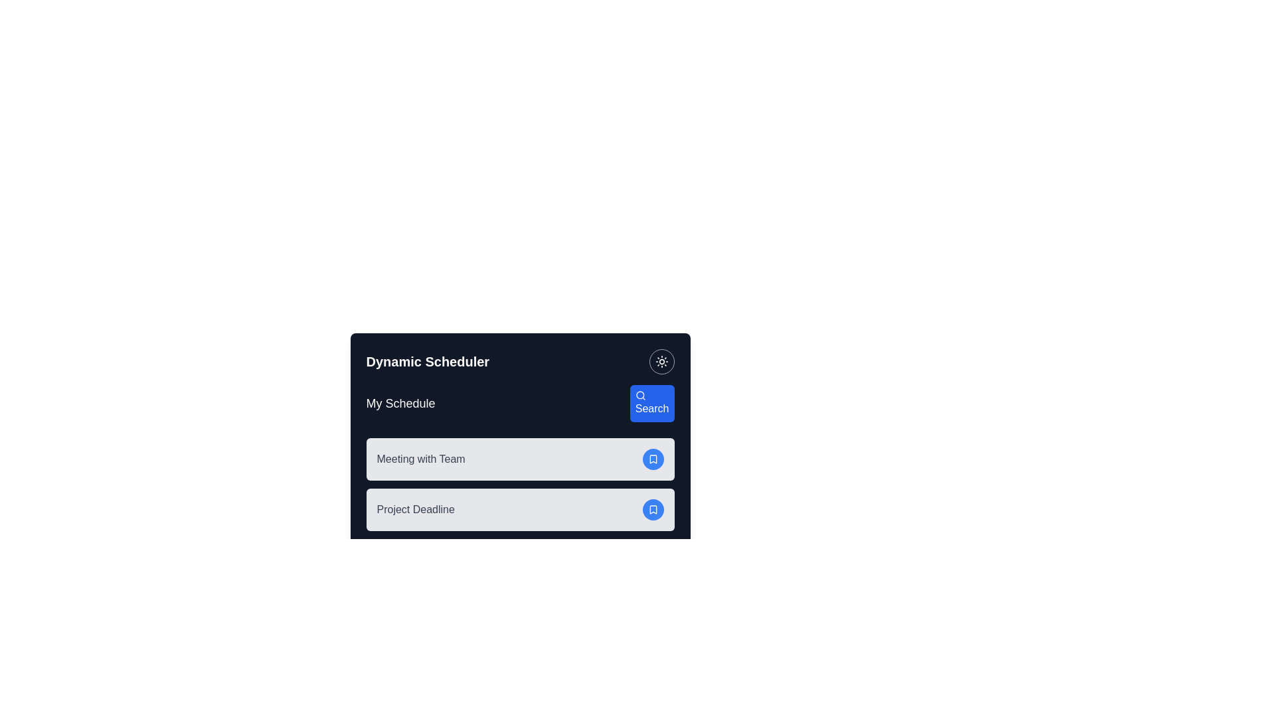  Describe the element at coordinates (653, 458) in the screenshot. I see `the blue-shaded bookmark icon located to the right of the 'Project Deadline' text in the second schedule entry` at that location.